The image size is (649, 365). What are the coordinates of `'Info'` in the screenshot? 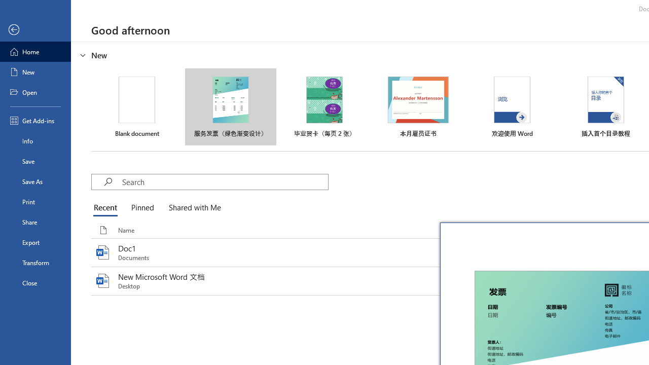 It's located at (35, 140).